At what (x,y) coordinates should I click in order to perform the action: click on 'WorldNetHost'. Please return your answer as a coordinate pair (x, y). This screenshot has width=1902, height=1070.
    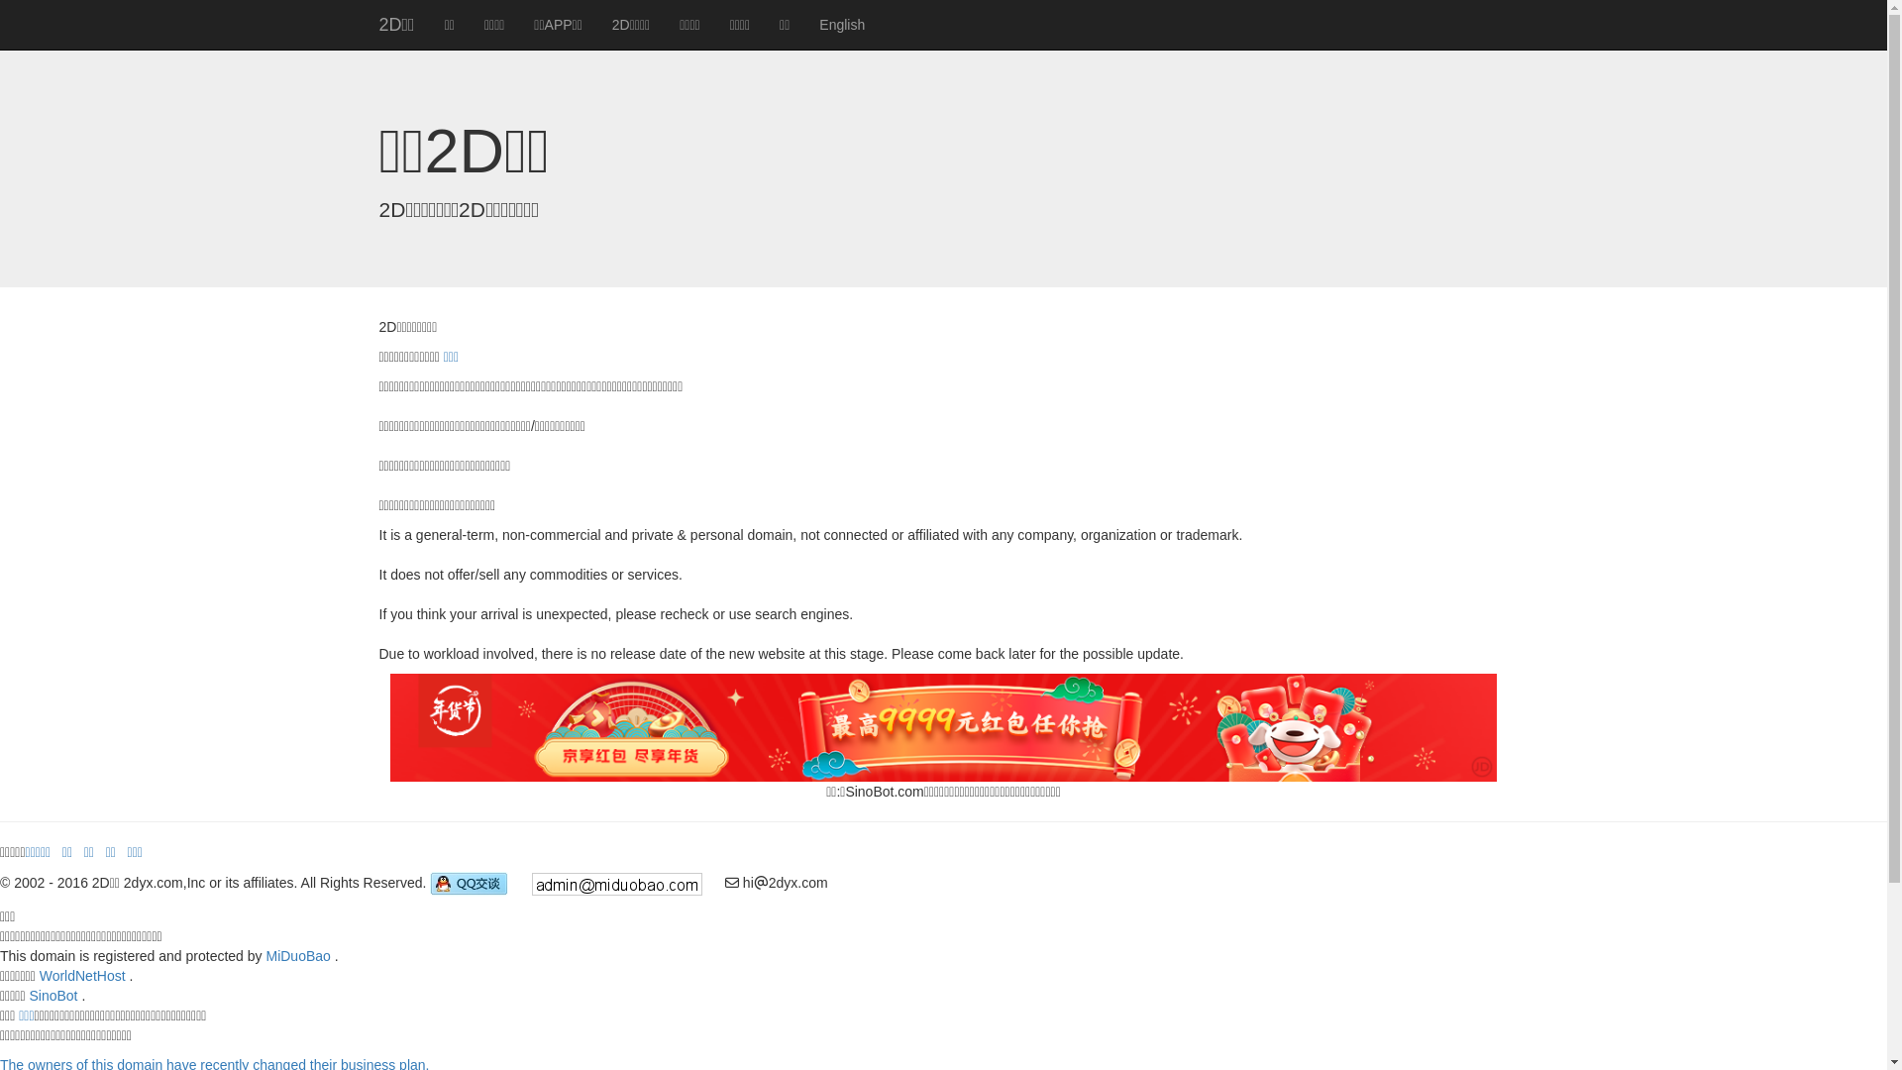
    Looking at the image, I should click on (81, 974).